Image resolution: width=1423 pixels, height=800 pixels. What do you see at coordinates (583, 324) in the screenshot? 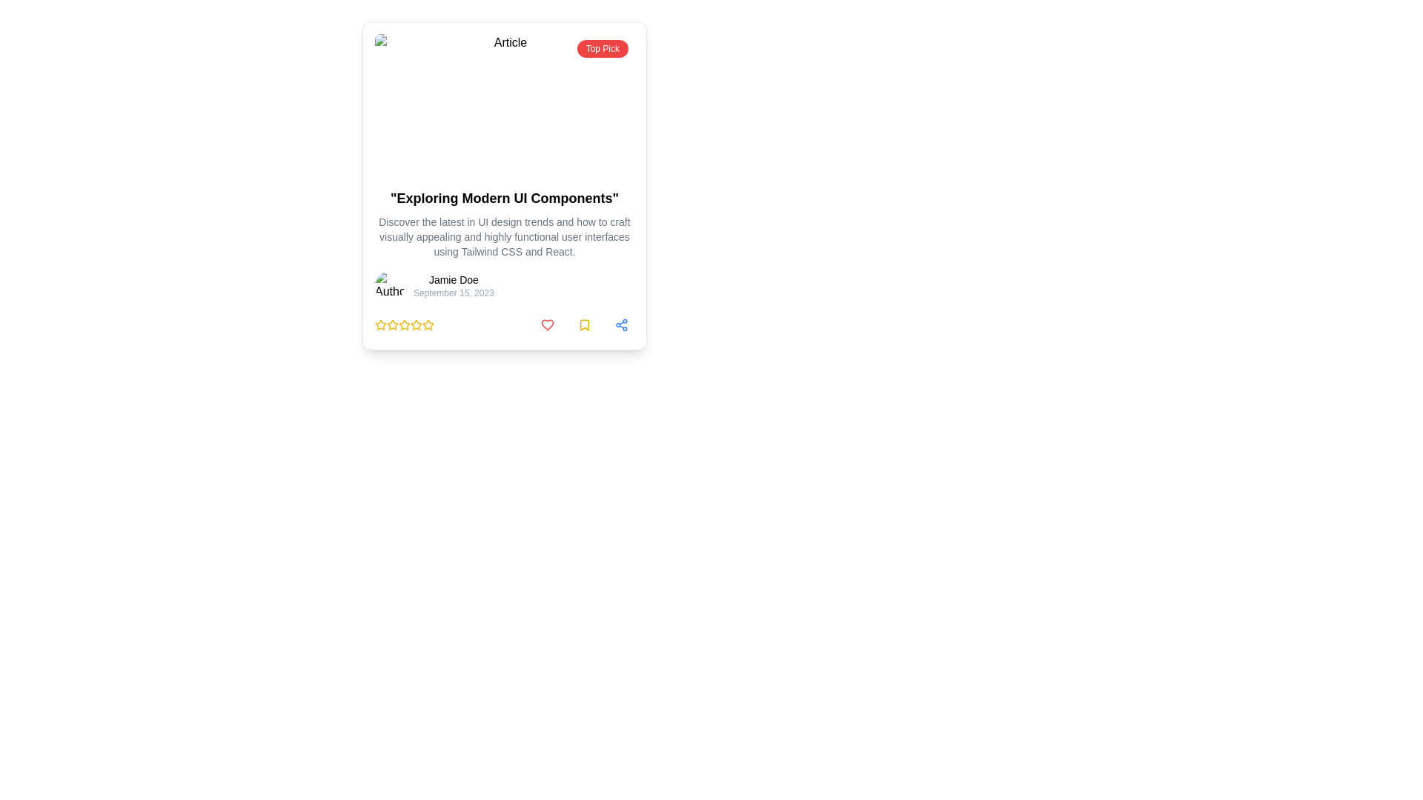
I see `the bookmark button, which is the second button from the left in a group of three at the bottom right of the card component, located directly to the right of the heart icon button` at bounding box center [583, 324].